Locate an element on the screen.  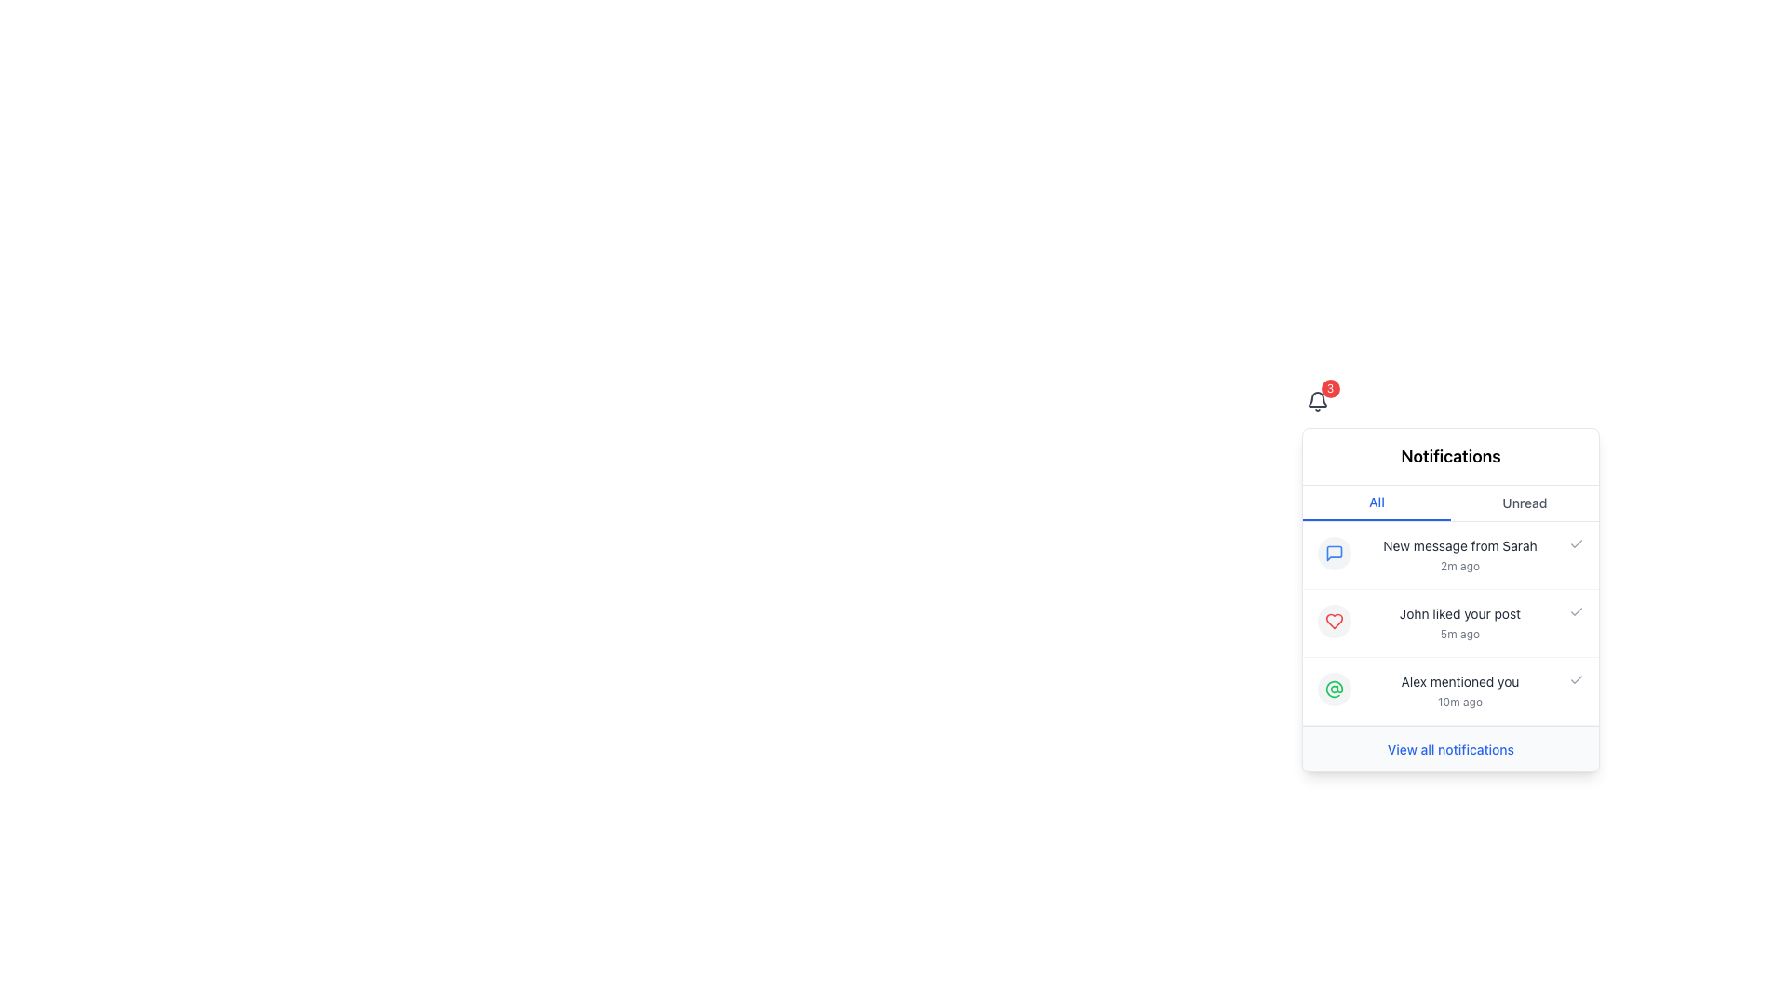
the heart-shaped icon within the circular button is located at coordinates (1334, 621).